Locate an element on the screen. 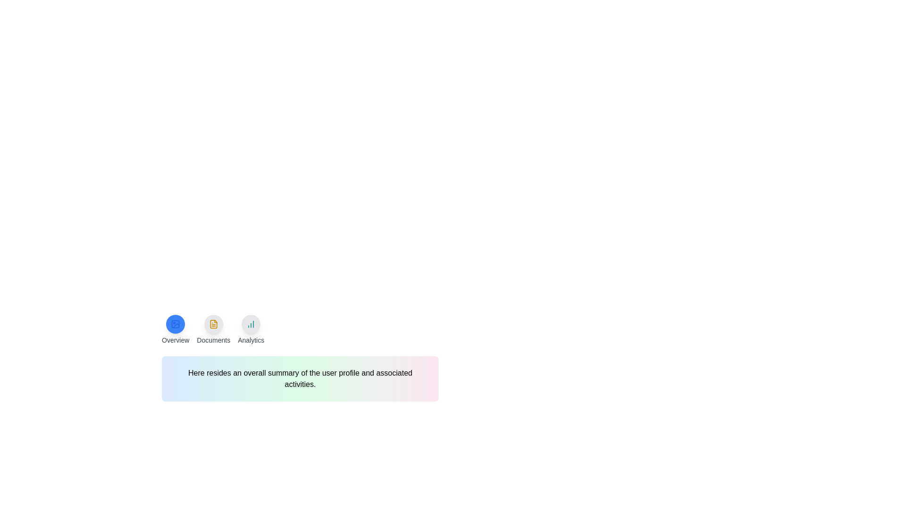 The image size is (906, 509). the analytics label, which indicates the purpose of the analytics icon-button is located at coordinates (251, 340).